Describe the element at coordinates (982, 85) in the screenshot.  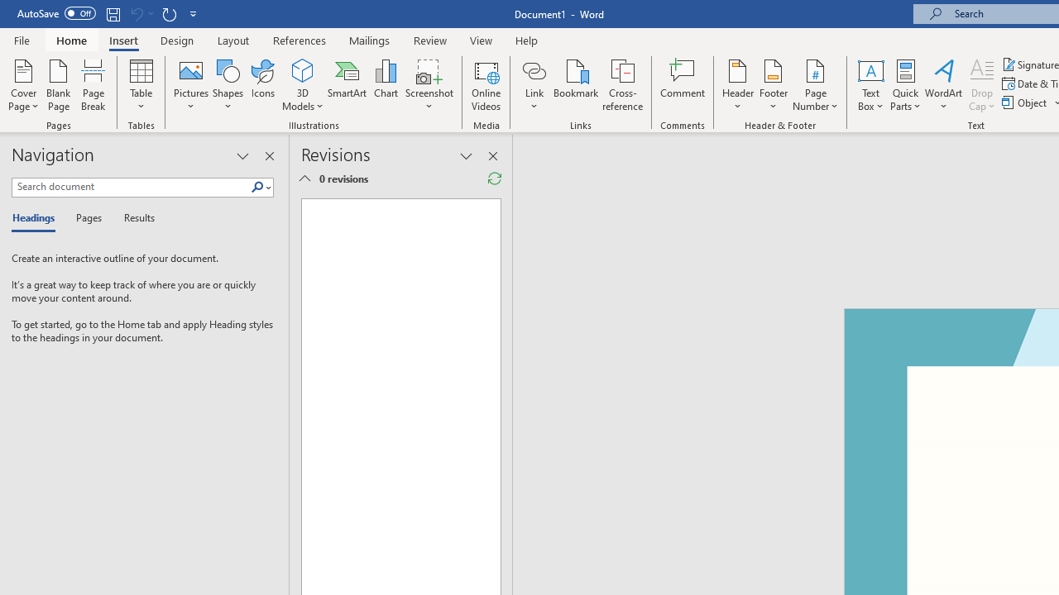
I see `'Drop Cap'` at that location.